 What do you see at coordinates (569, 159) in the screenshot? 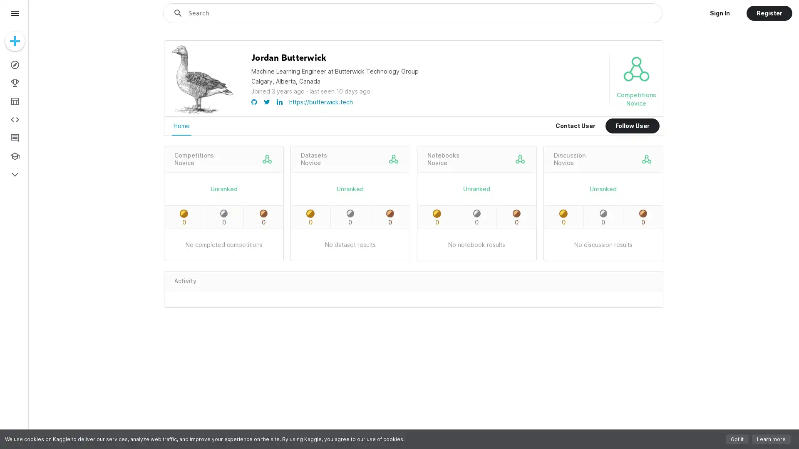
I see `Discussion Novice` at bounding box center [569, 159].